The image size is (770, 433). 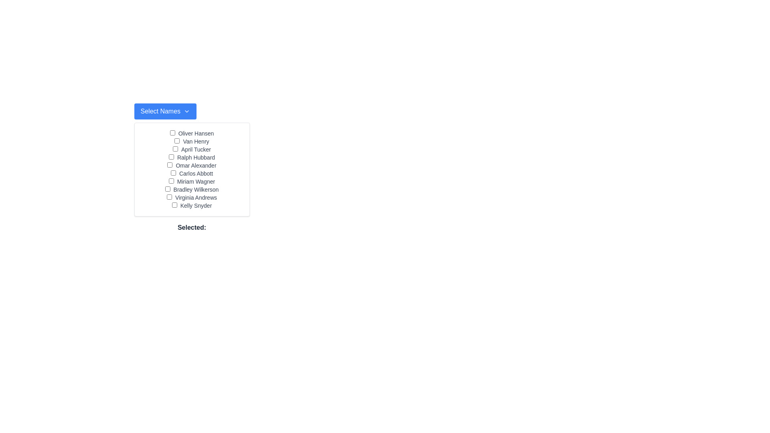 I want to click on the checkbox labeled 'Ralph Hubbard', so click(x=171, y=157).